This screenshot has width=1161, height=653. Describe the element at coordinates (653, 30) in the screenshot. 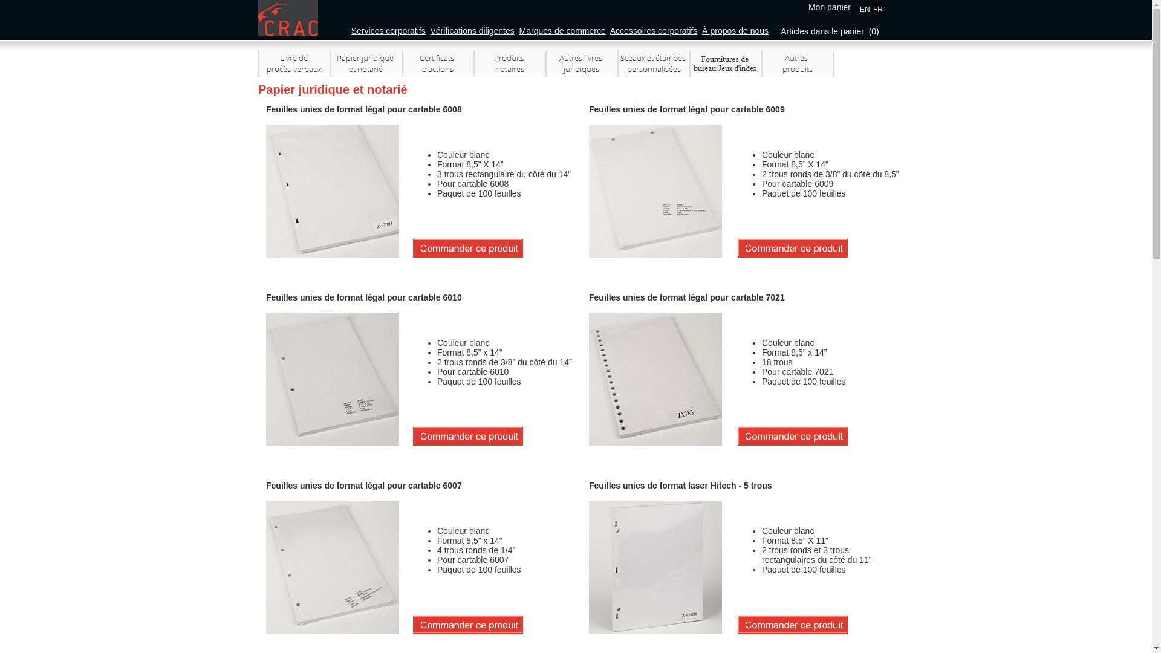

I see `'Accessoires corporatifs'` at that location.